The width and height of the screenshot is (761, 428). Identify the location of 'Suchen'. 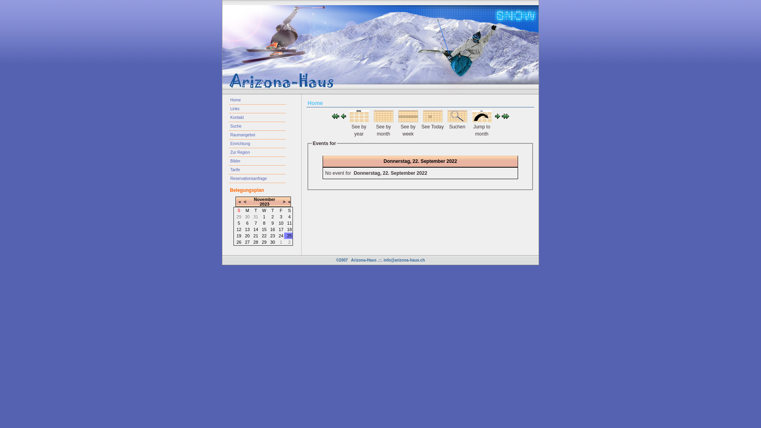
(457, 120).